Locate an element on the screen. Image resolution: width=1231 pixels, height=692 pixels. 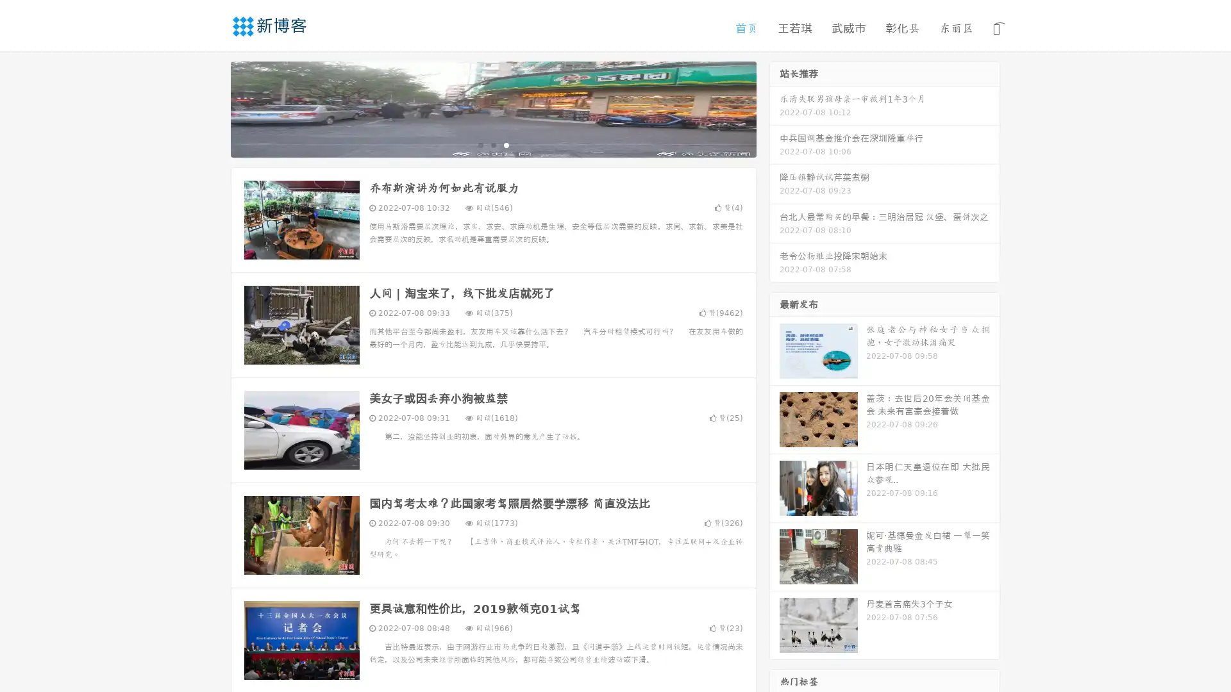
Previous slide is located at coordinates (212, 108).